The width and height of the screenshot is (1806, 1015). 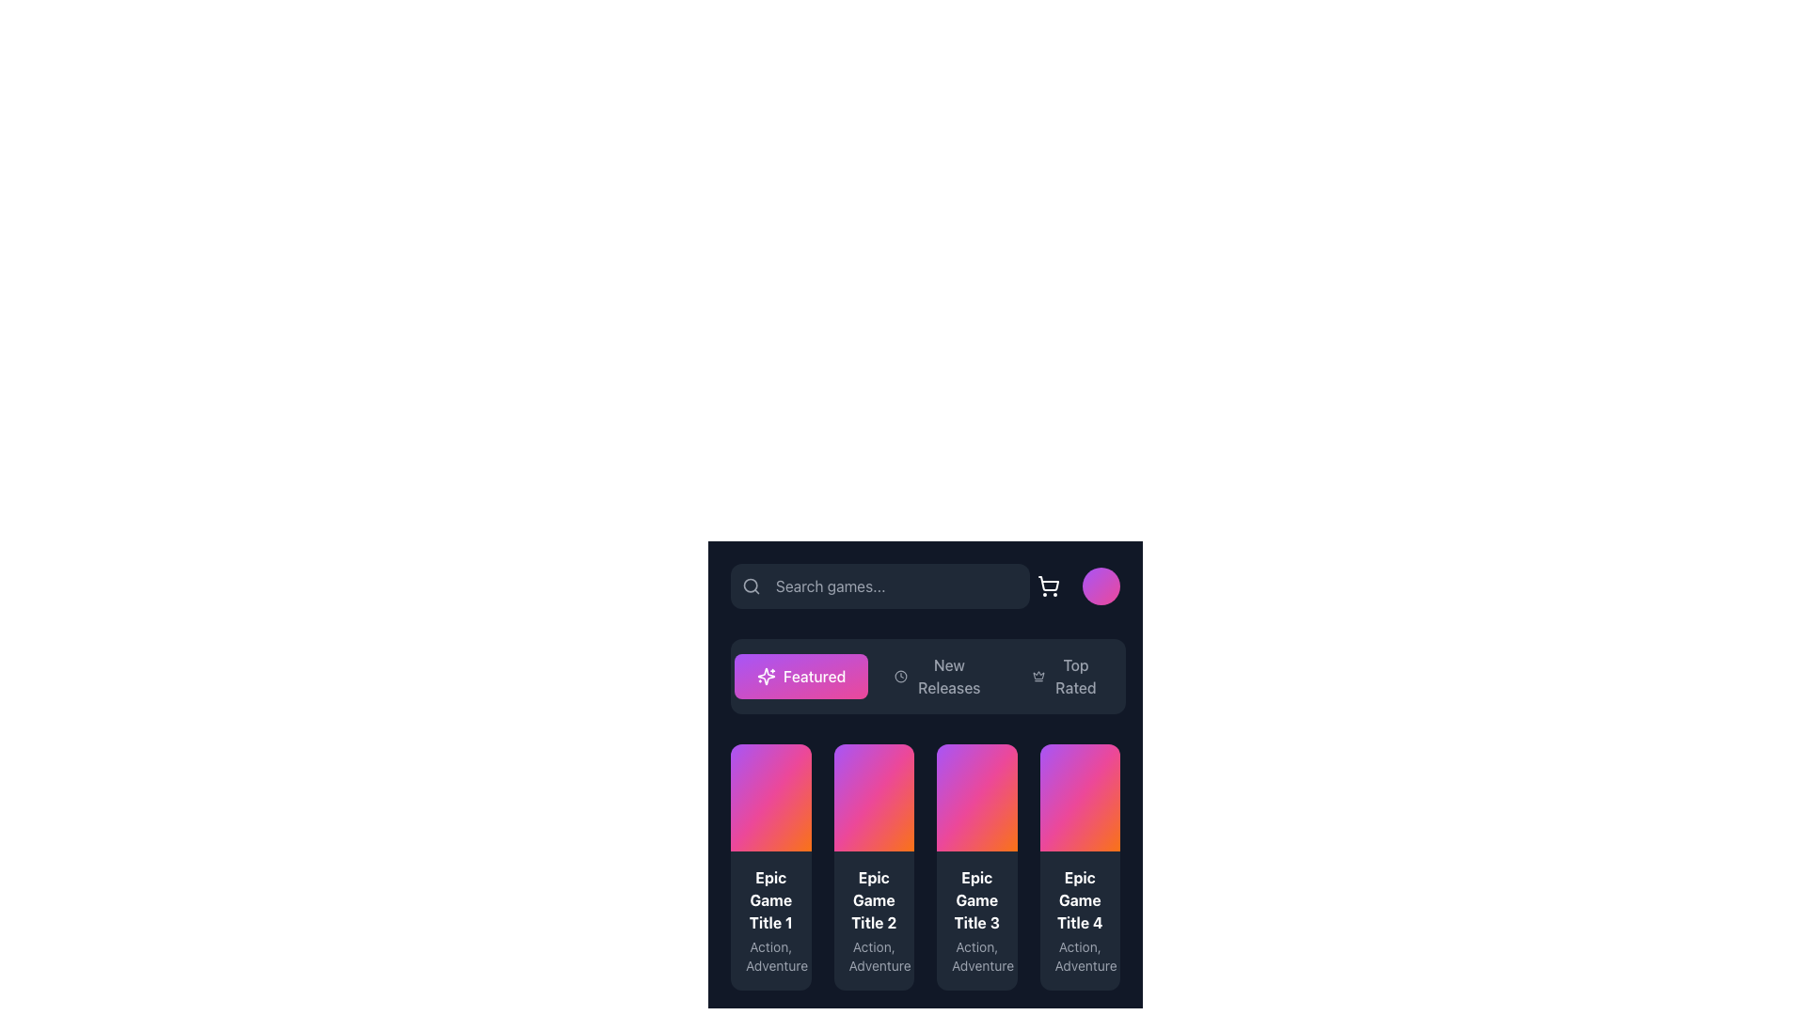 I want to click on the Information Card that represents a specific game, located in the 'Featured' section as the fourth element in a horizontal grid, so click(x=1080, y=867).